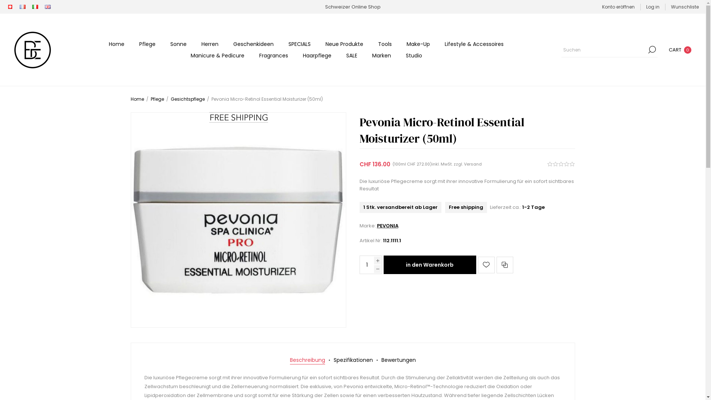 The image size is (711, 400). I want to click on 'SALE', so click(351, 55).